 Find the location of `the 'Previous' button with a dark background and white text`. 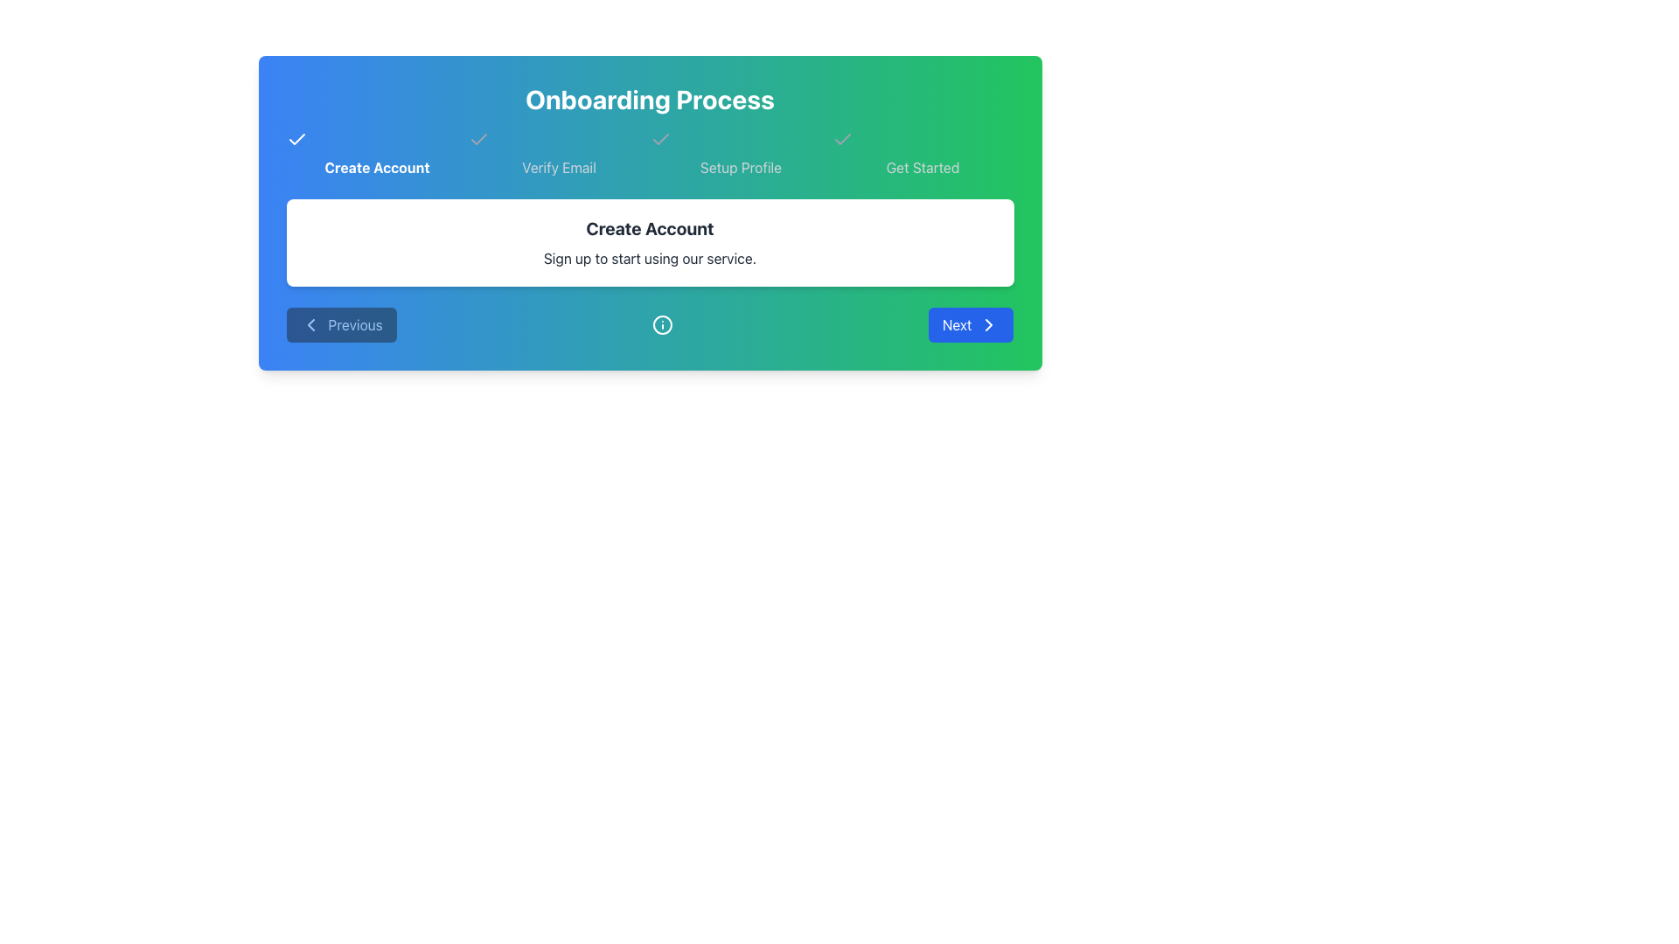

the 'Previous' button with a dark background and white text is located at coordinates (341, 324).